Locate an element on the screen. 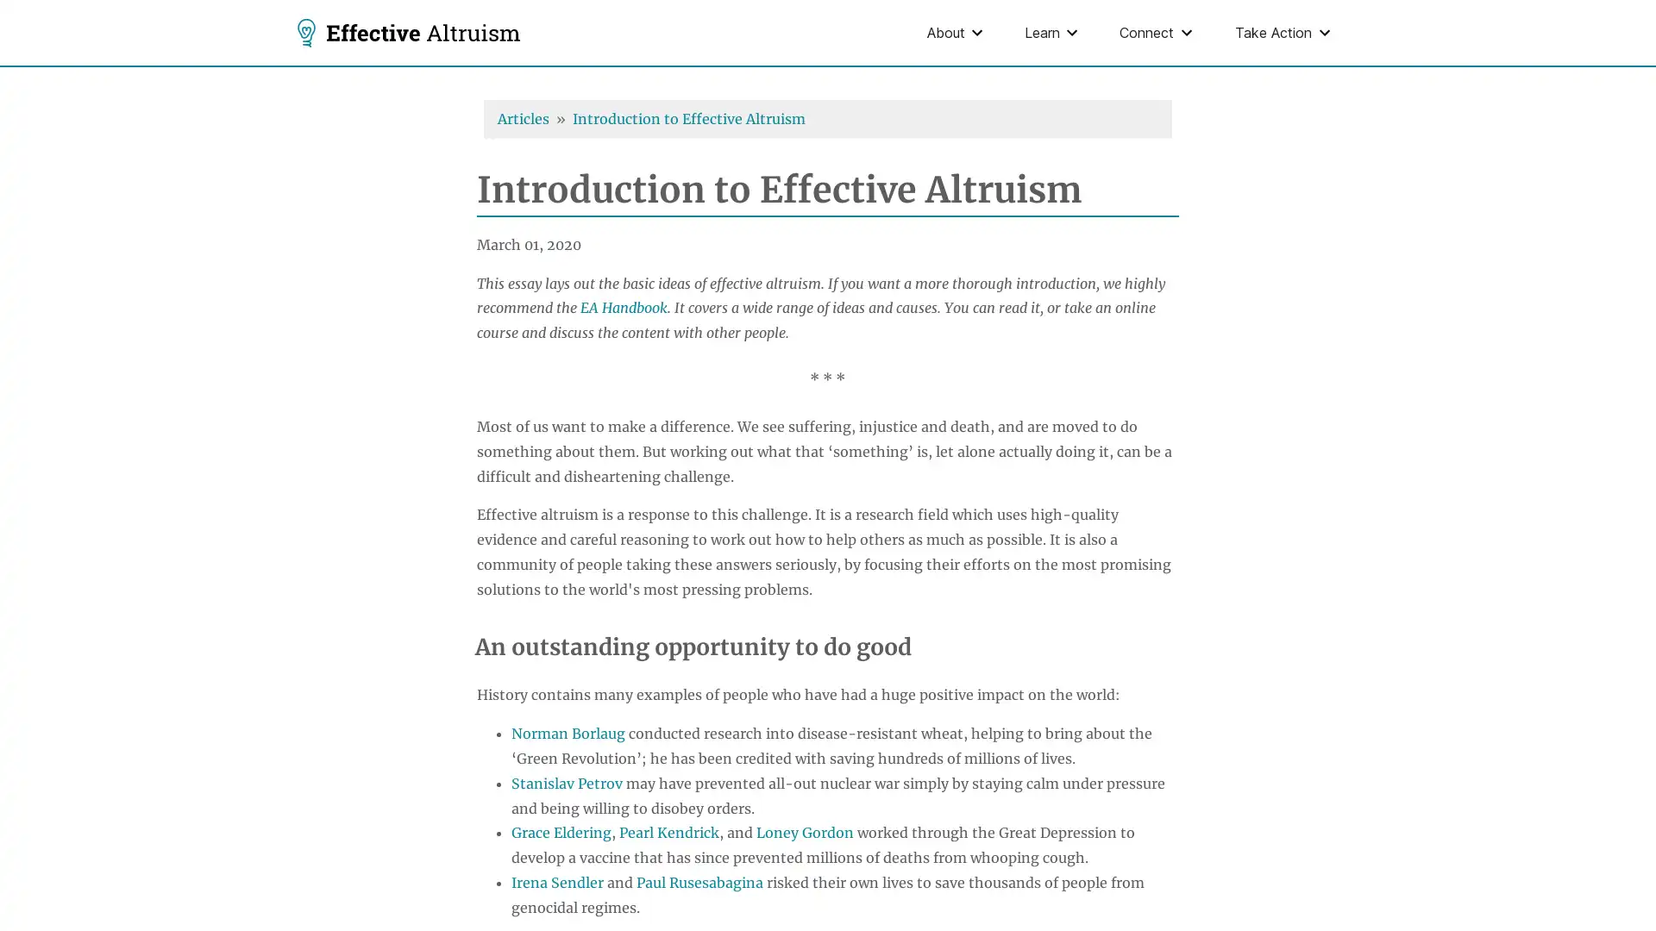  Connect is located at coordinates (1157, 33).